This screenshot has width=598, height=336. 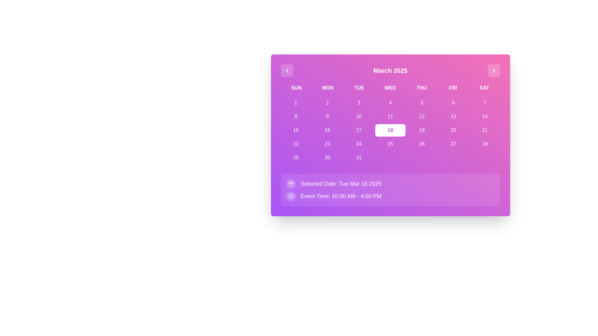 What do you see at coordinates (327, 144) in the screenshot?
I see `the small purple button labeled '23'` at bounding box center [327, 144].